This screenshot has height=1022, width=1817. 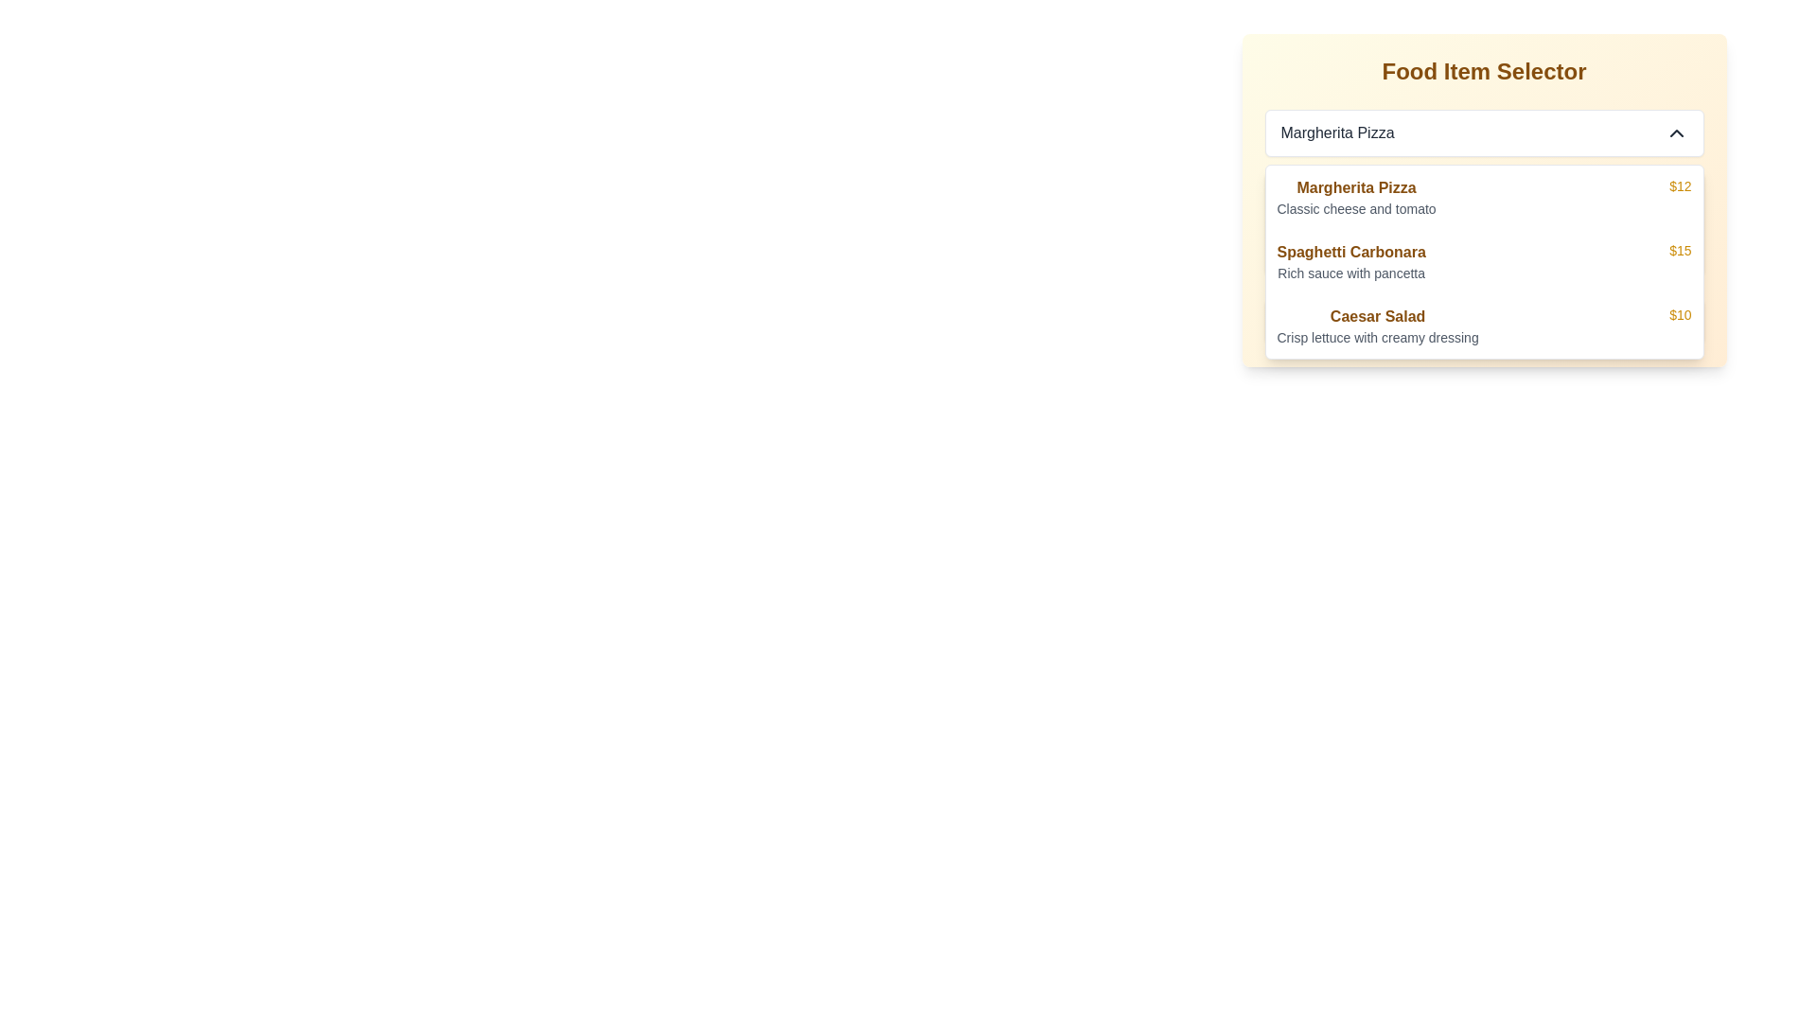 I want to click on the text label displaying 'Margherita Pizza' which is located near the top left side of the food items list, so click(x=1336, y=132).